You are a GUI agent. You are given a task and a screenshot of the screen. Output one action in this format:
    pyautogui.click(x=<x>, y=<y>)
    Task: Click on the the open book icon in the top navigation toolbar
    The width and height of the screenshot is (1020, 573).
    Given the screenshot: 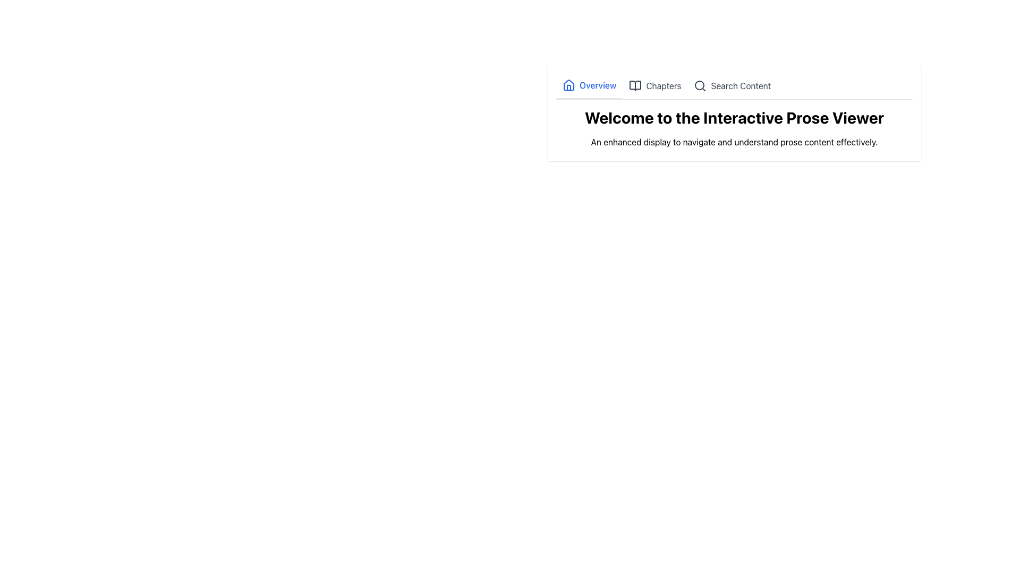 What is the action you would take?
    pyautogui.click(x=635, y=85)
    